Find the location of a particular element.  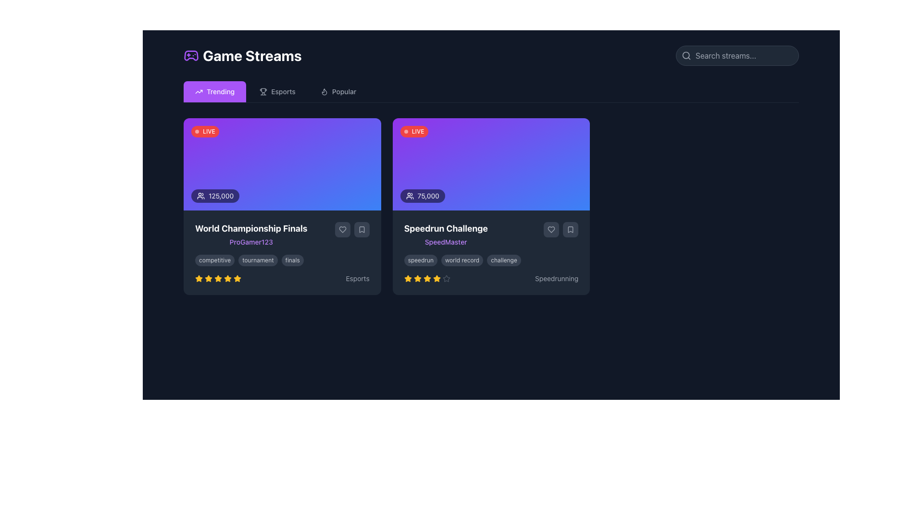

the bookmark icon, which is the light gray outline of a bookmark symbol located at the bottom right corner of the 'Speedrun Challenge' card is located at coordinates (571, 230).